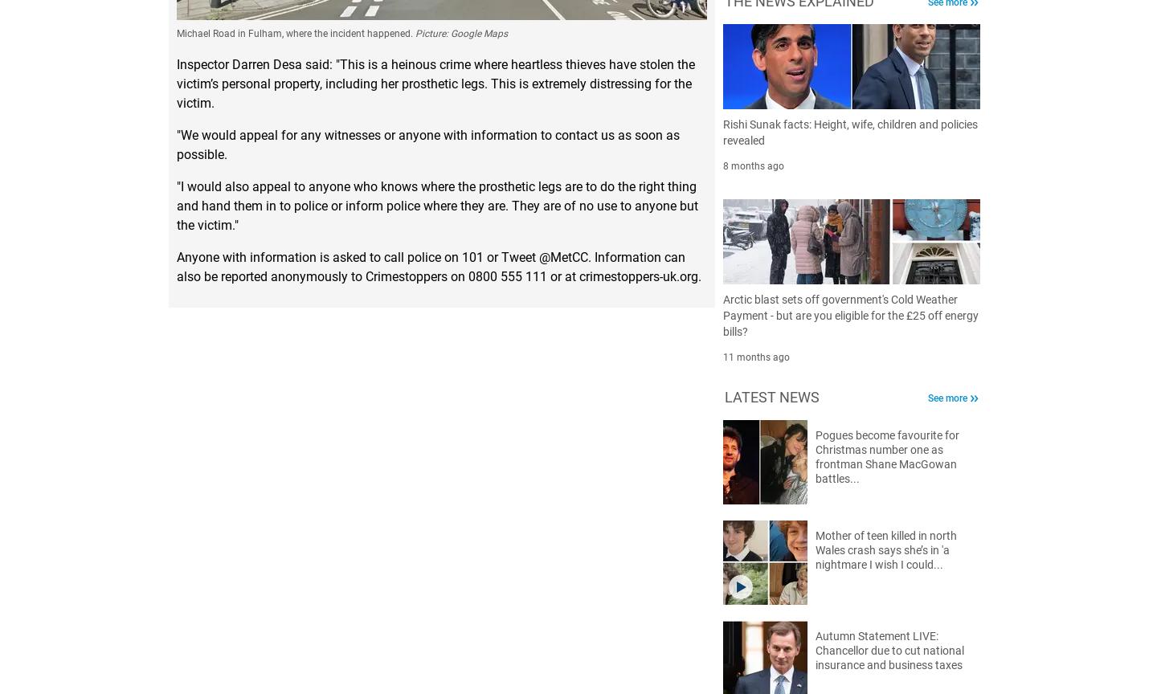 This screenshot has height=694, width=1157. What do you see at coordinates (947, 398) in the screenshot?
I see `'See more'` at bounding box center [947, 398].